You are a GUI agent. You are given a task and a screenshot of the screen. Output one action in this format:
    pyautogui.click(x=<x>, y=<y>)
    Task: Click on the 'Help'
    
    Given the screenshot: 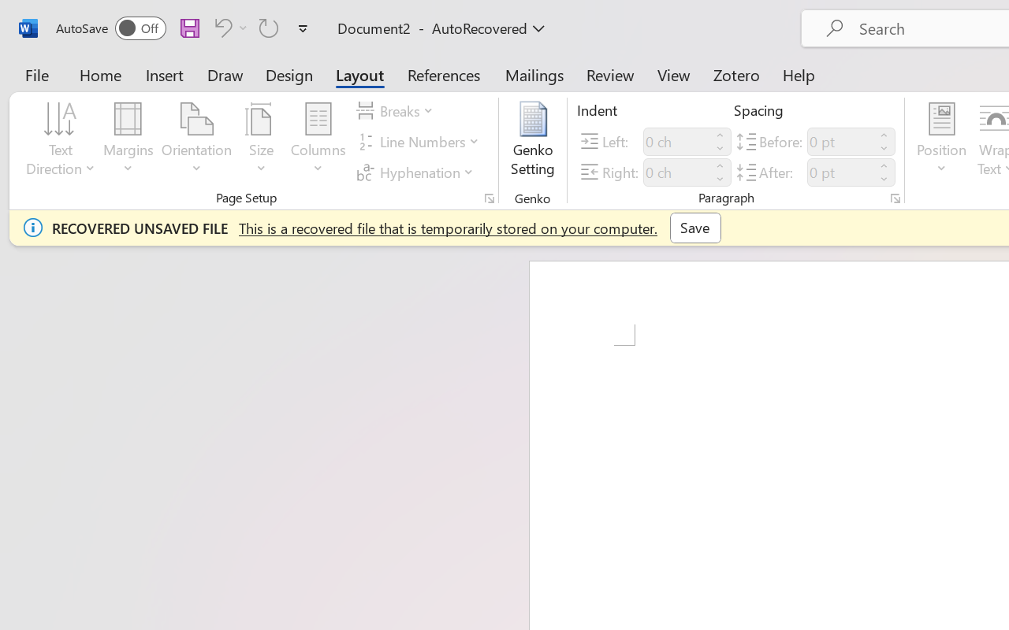 What is the action you would take?
    pyautogui.click(x=799, y=74)
    